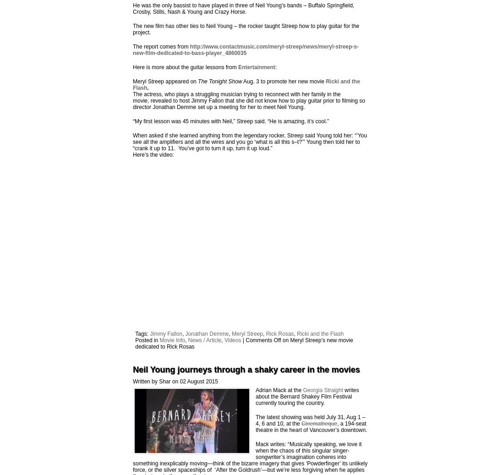 This screenshot has height=475, width=504. What do you see at coordinates (132, 81) in the screenshot?
I see `'Meryl Streep appeared on'` at bounding box center [132, 81].